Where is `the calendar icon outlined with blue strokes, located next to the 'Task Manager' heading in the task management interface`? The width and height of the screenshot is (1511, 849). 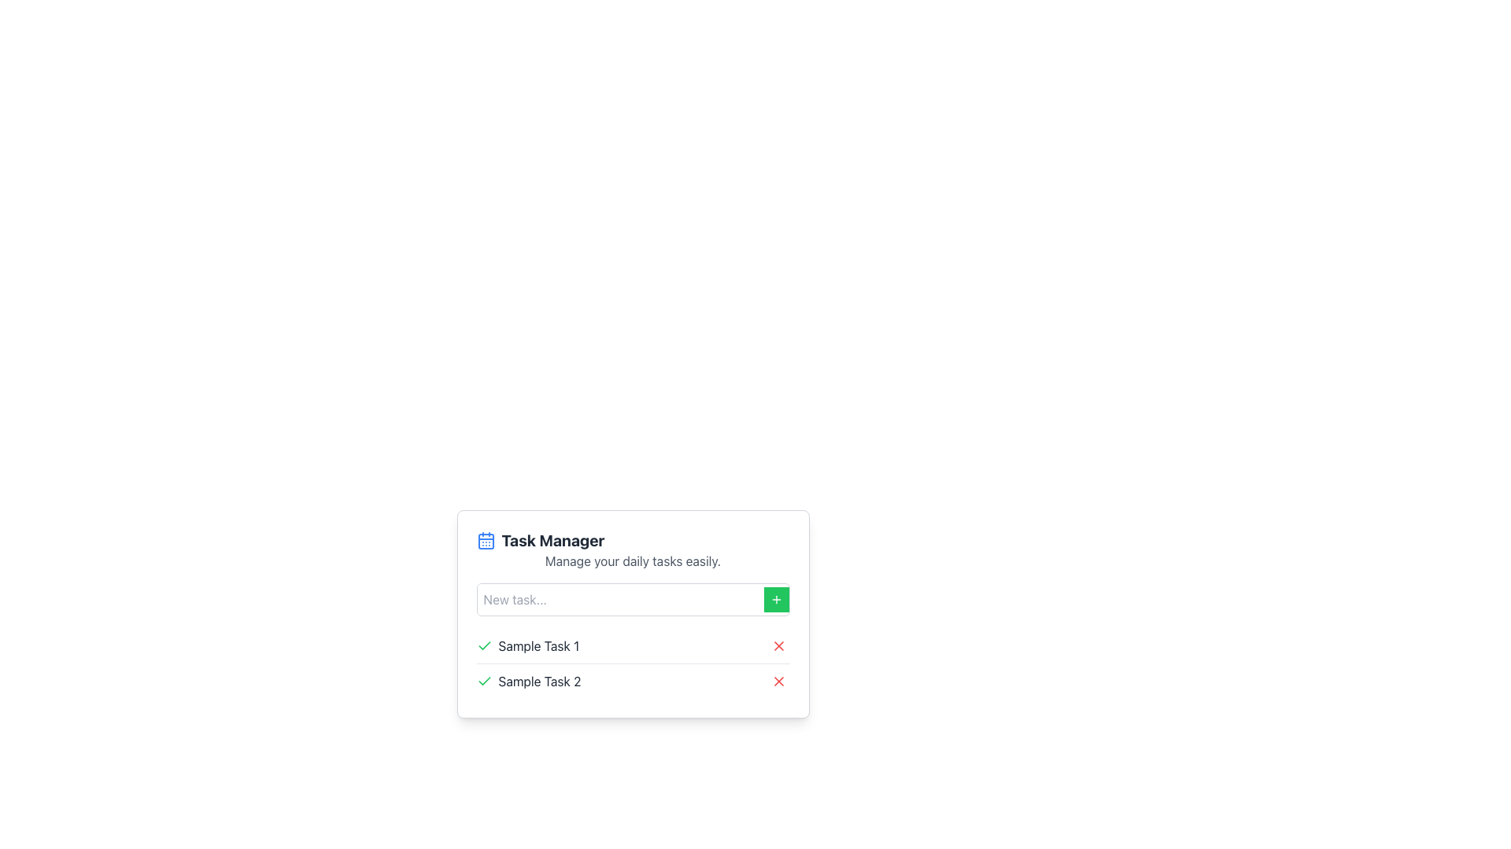
the calendar icon outlined with blue strokes, located next to the 'Task Manager' heading in the task management interface is located at coordinates (485, 539).